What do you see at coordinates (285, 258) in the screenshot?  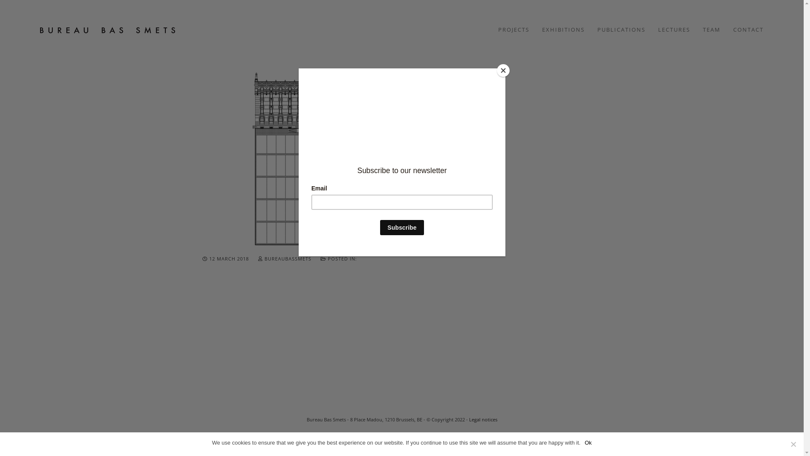 I see `'BUREAUBASSMETS'` at bounding box center [285, 258].